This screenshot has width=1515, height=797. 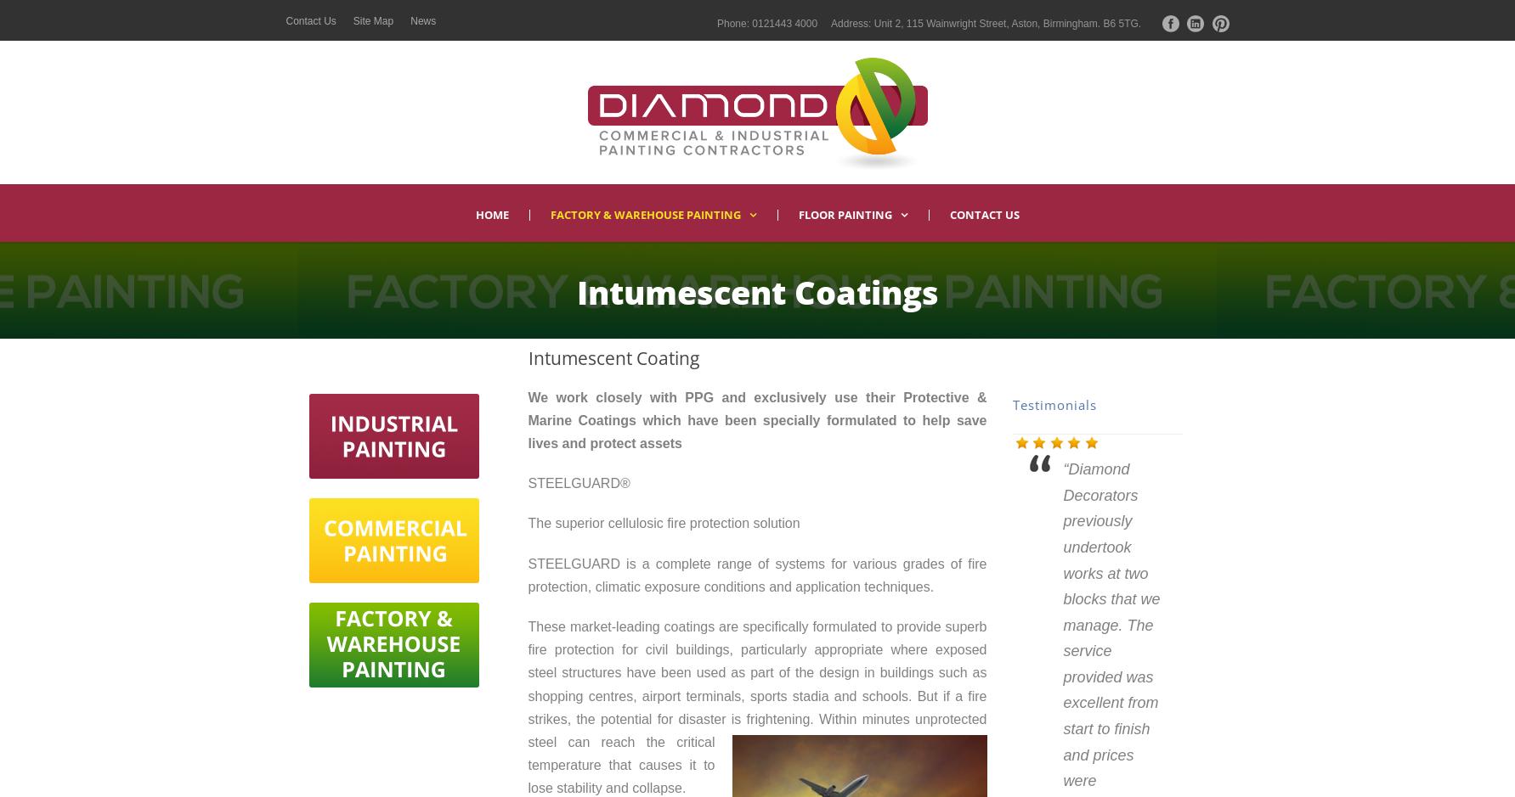 What do you see at coordinates (372, 20) in the screenshot?
I see `'Site Map'` at bounding box center [372, 20].